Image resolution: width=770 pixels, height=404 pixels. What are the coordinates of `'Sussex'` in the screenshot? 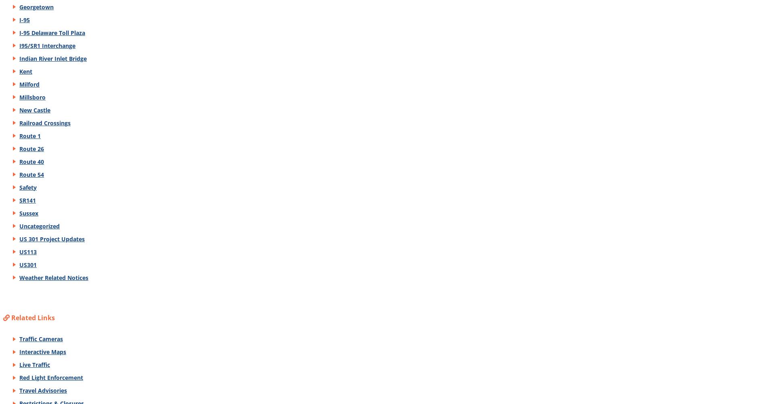 It's located at (28, 212).